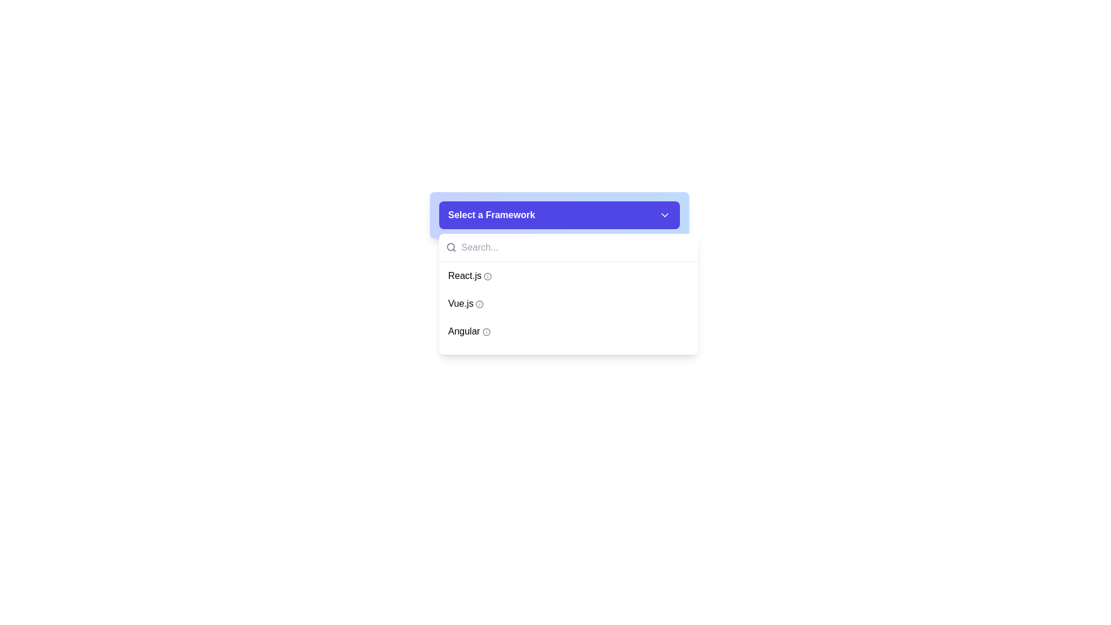 The width and height of the screenshot is (1111, 625). What do you see at coordinates (559, 215) in the screenshot?
I see `the Dropdown selector button located at the top-central position of the dropdown interface` at bounding box center [559, 215].